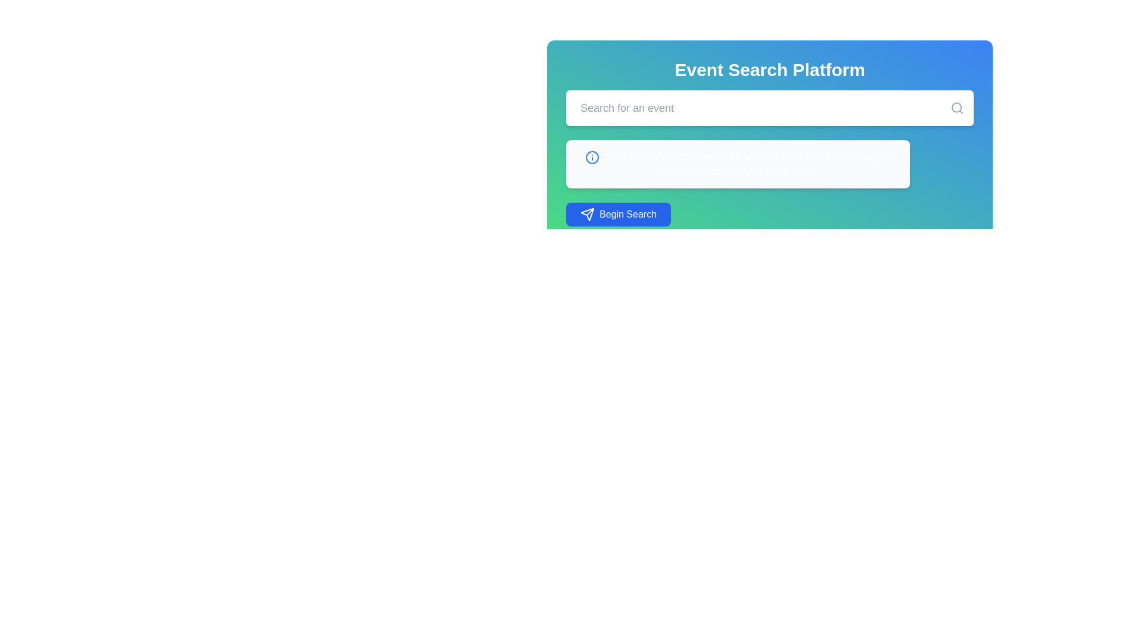 This screenshot has height=642, width=1142. What do you see at coordinates (588, 213) in the screenshot?
I see `the paper-plane styled icon located at the top-left of the 'Begin Search' button` at bounding box center [588, 213].